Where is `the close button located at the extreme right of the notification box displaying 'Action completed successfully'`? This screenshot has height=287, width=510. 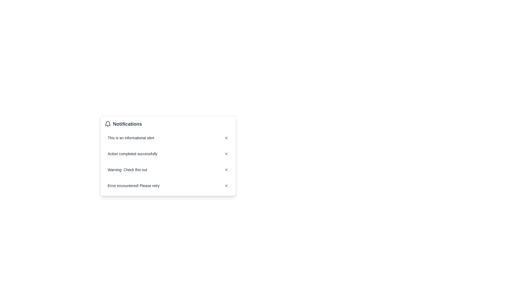
the close button located at the extreme right of the notification box displaying 'Action completed successfully' is located at coordinates (226, 154).